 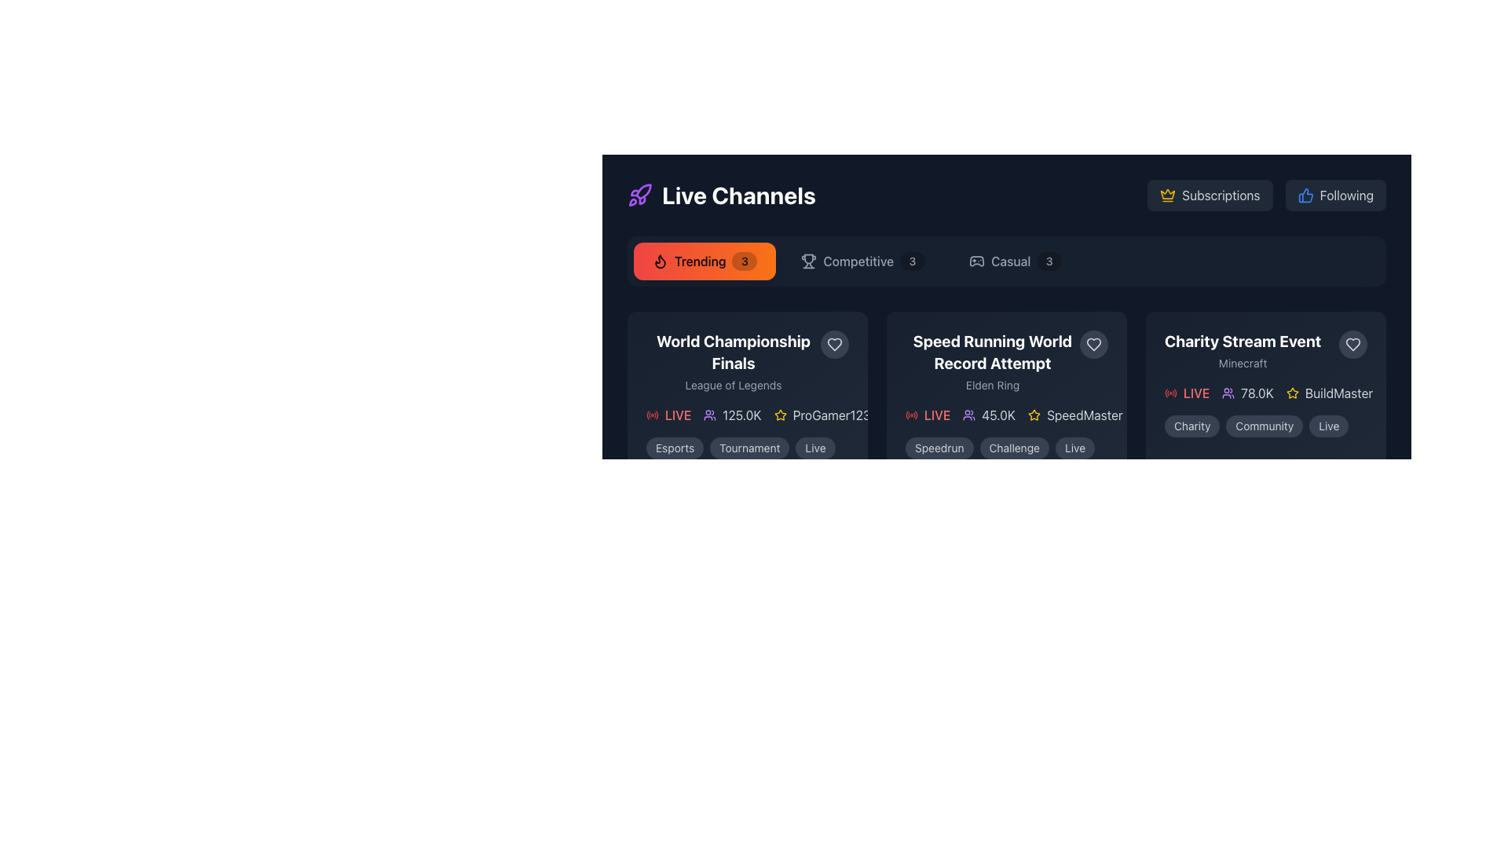 I want to click on the modern purple gradient rocket icon located to the left of the 'Live Channels' text, so click(x=640, y=195).